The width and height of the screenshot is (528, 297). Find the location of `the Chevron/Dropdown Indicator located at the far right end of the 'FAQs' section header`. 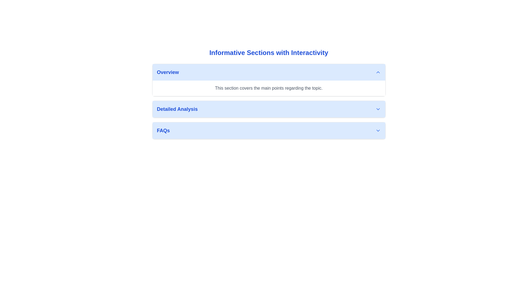

the Chevron/Dropdown Indicator located at the far right end of the 'FAQs' section header is located at coordinates (378, 130).